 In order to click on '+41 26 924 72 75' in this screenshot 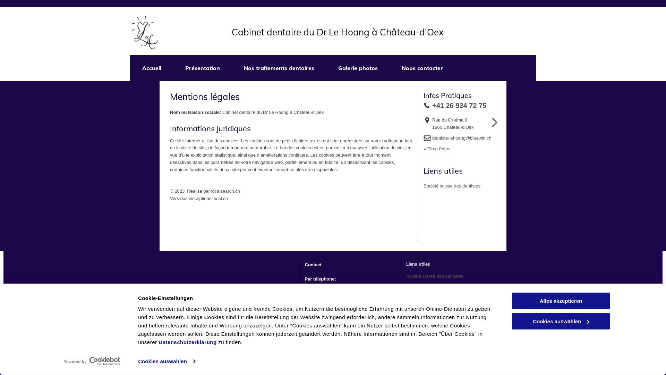, I will do `click(459, 106)`.